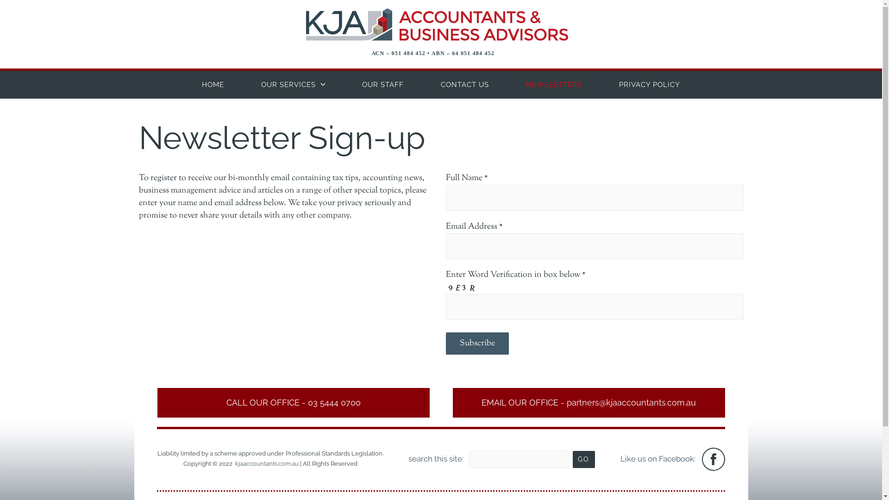 This screenshot has width=889, height=500. I want to click on ' kjaaccountants.com.au', so click(266, 463).